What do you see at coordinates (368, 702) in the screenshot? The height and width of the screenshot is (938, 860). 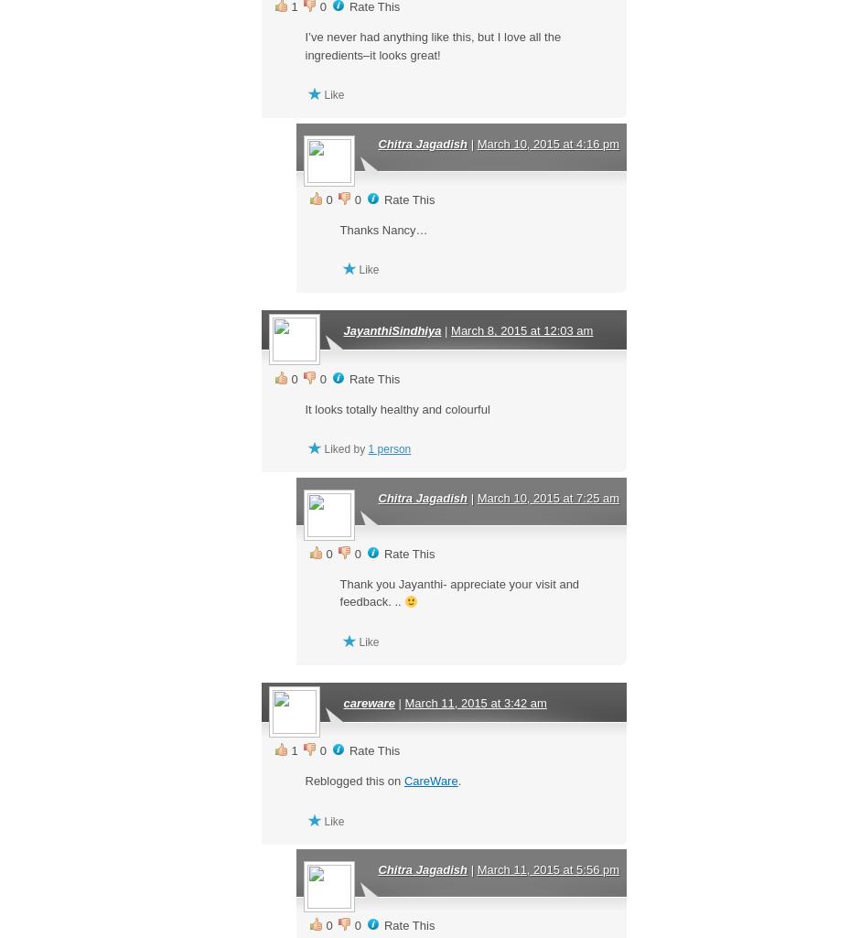 I see `'careware'` at bounding box center [368, 702].